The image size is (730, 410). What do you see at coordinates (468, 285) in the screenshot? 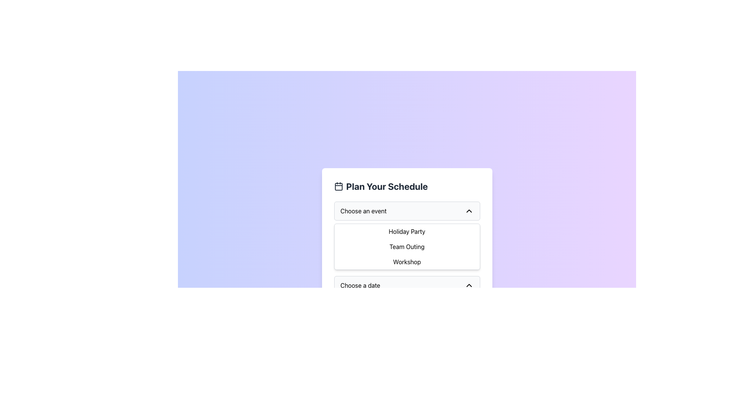
I see `the upward-facing chevron icon button located in the lower right corner of the 'Choose a date' input field` at bounding box center [468, 285].